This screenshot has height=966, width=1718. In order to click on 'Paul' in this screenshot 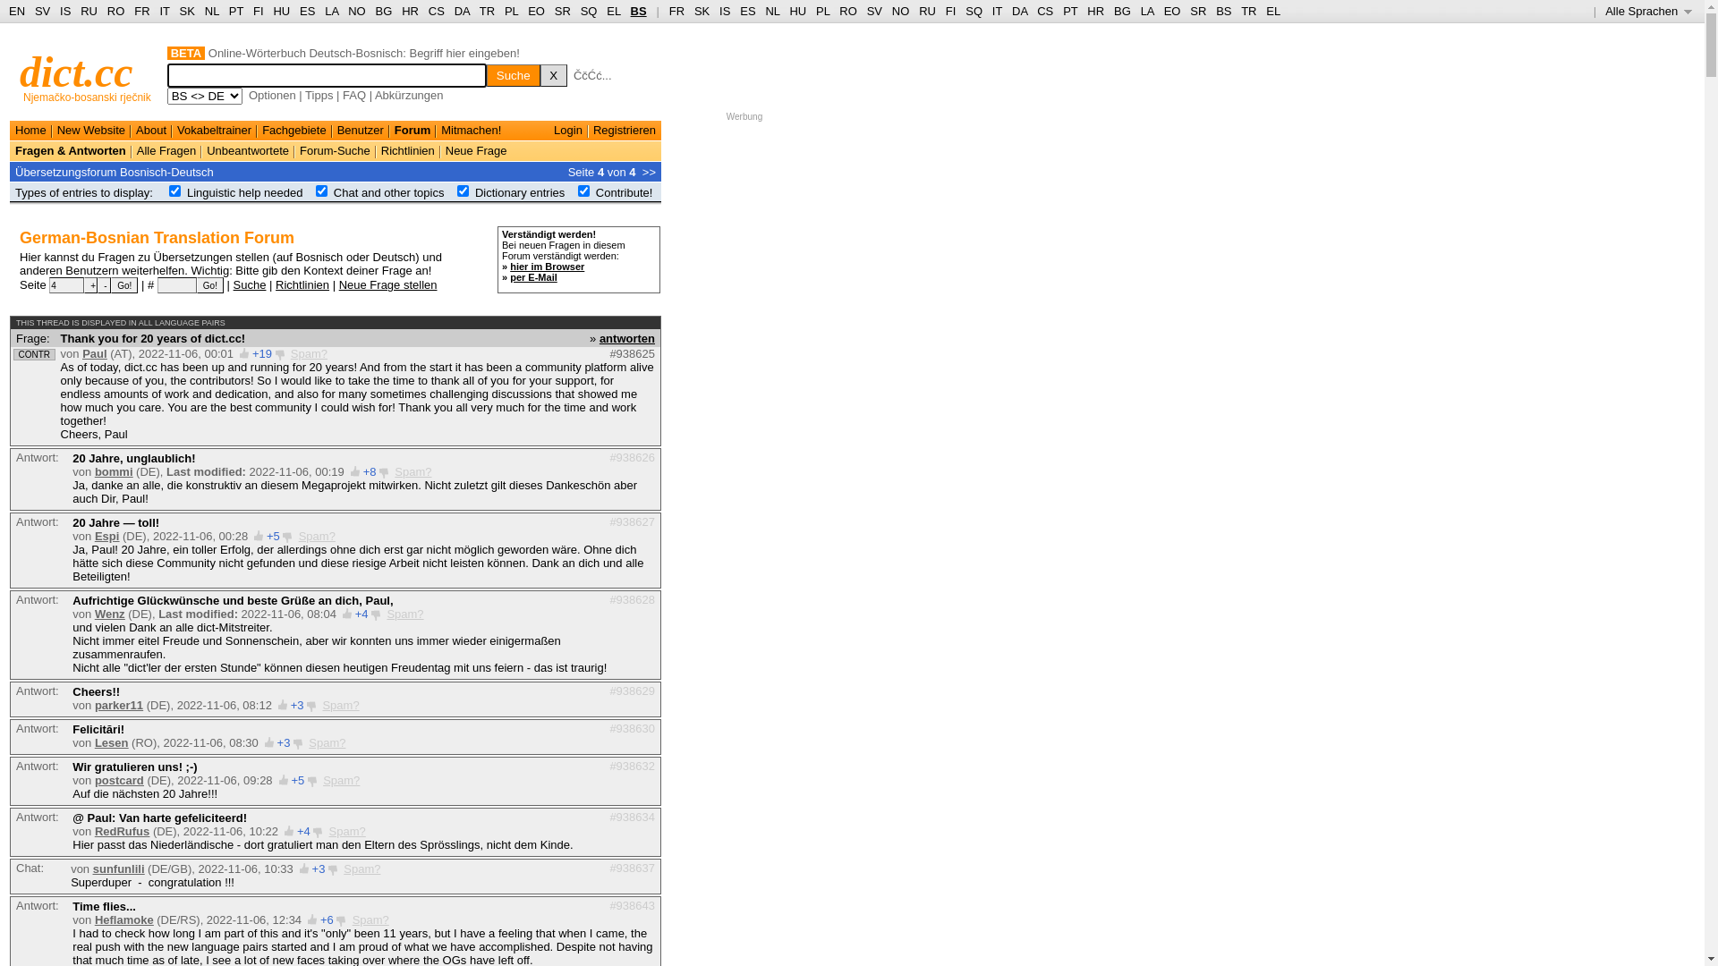, I will do `click(93, 353)`.